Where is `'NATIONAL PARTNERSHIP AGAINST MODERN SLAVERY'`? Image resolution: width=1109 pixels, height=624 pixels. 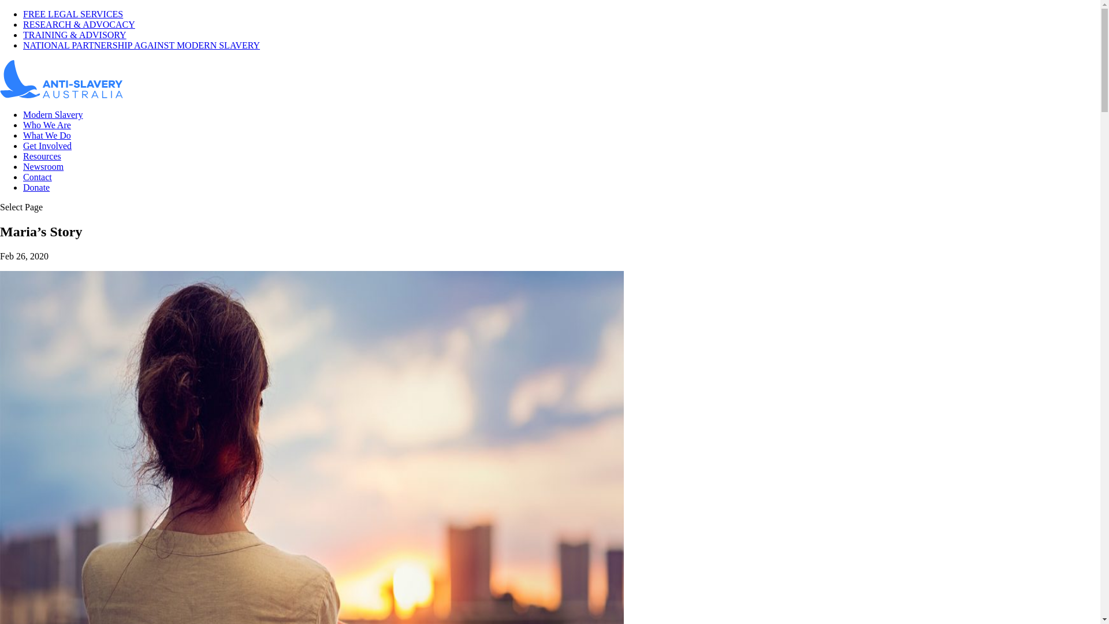 'NATIONAL PARTNERSHIP AGAINST MODERN SLAVERY' is located at coordinates (140, 44).